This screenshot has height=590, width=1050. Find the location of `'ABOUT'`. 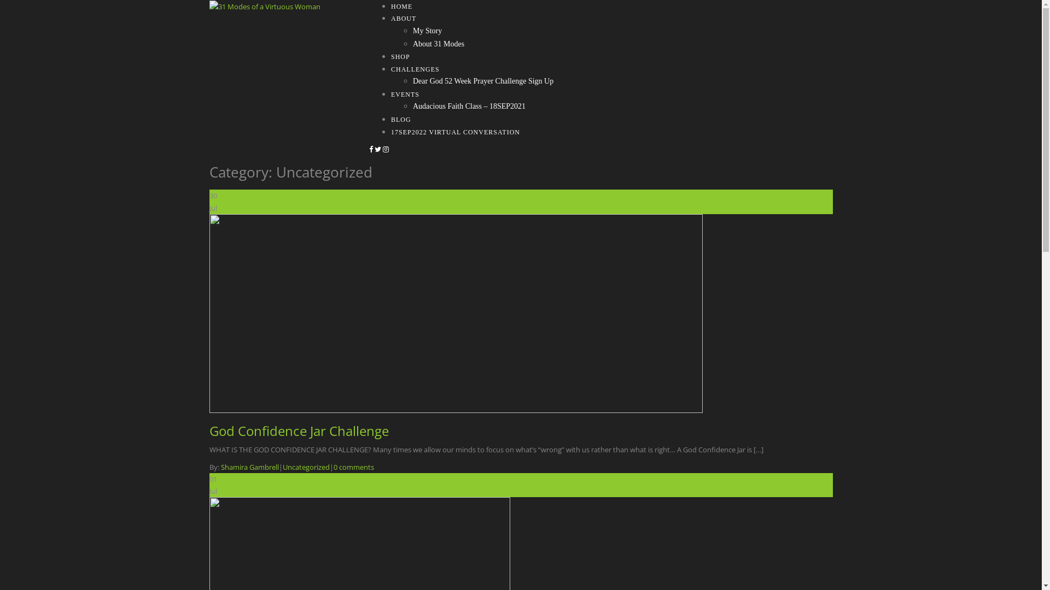

'ABOUT' is located at coordinates (403, 19).